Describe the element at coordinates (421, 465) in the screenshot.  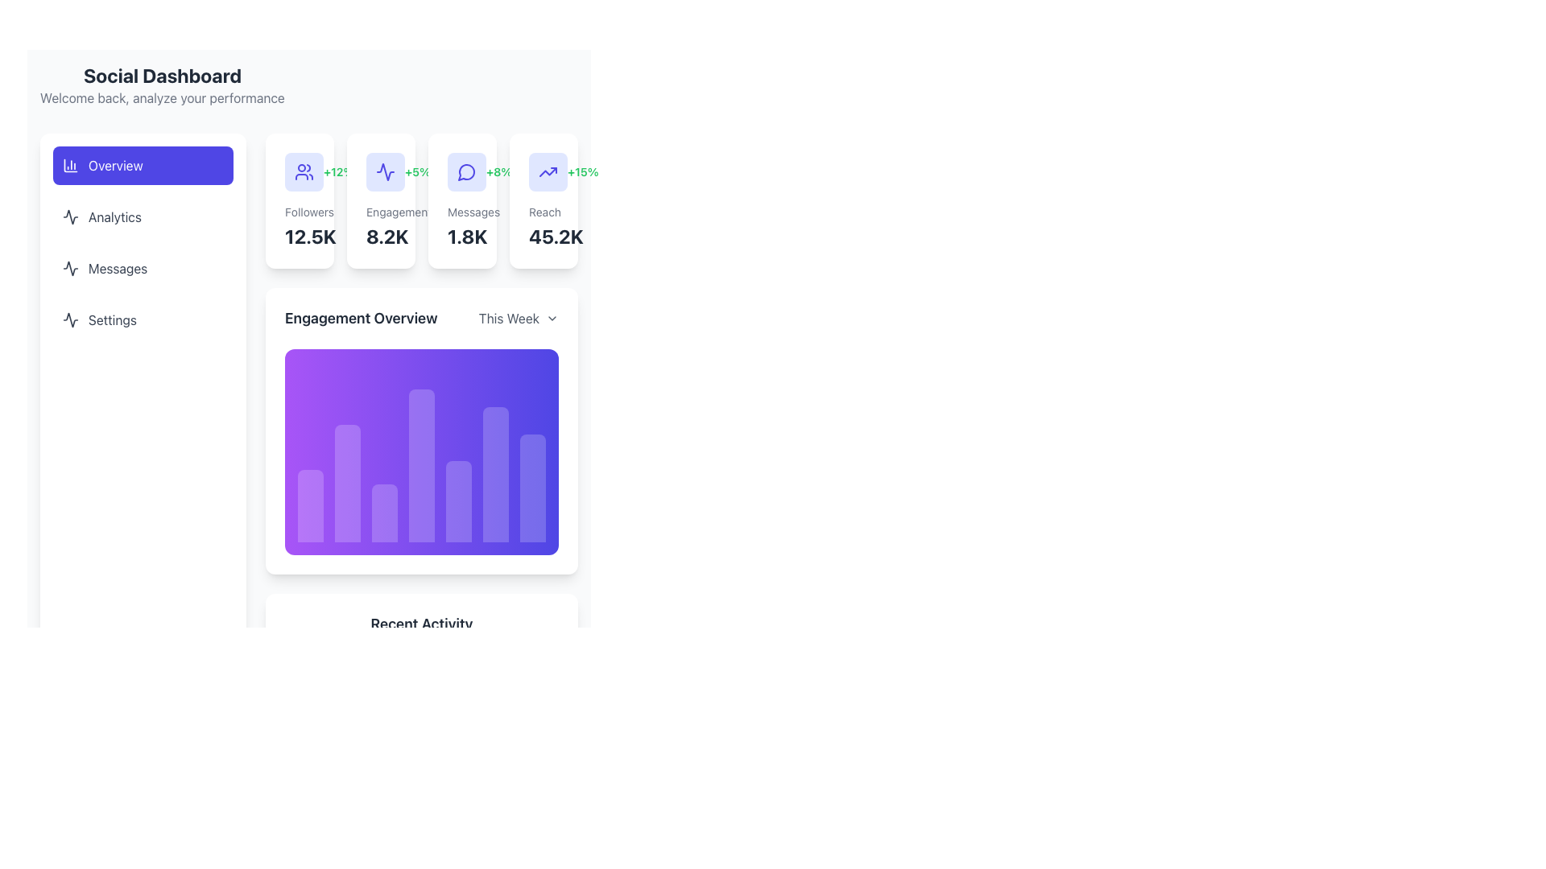
I see `the fourth bar in the bar chart, which visually represents a data point and is centrally located within the chart` at that location.